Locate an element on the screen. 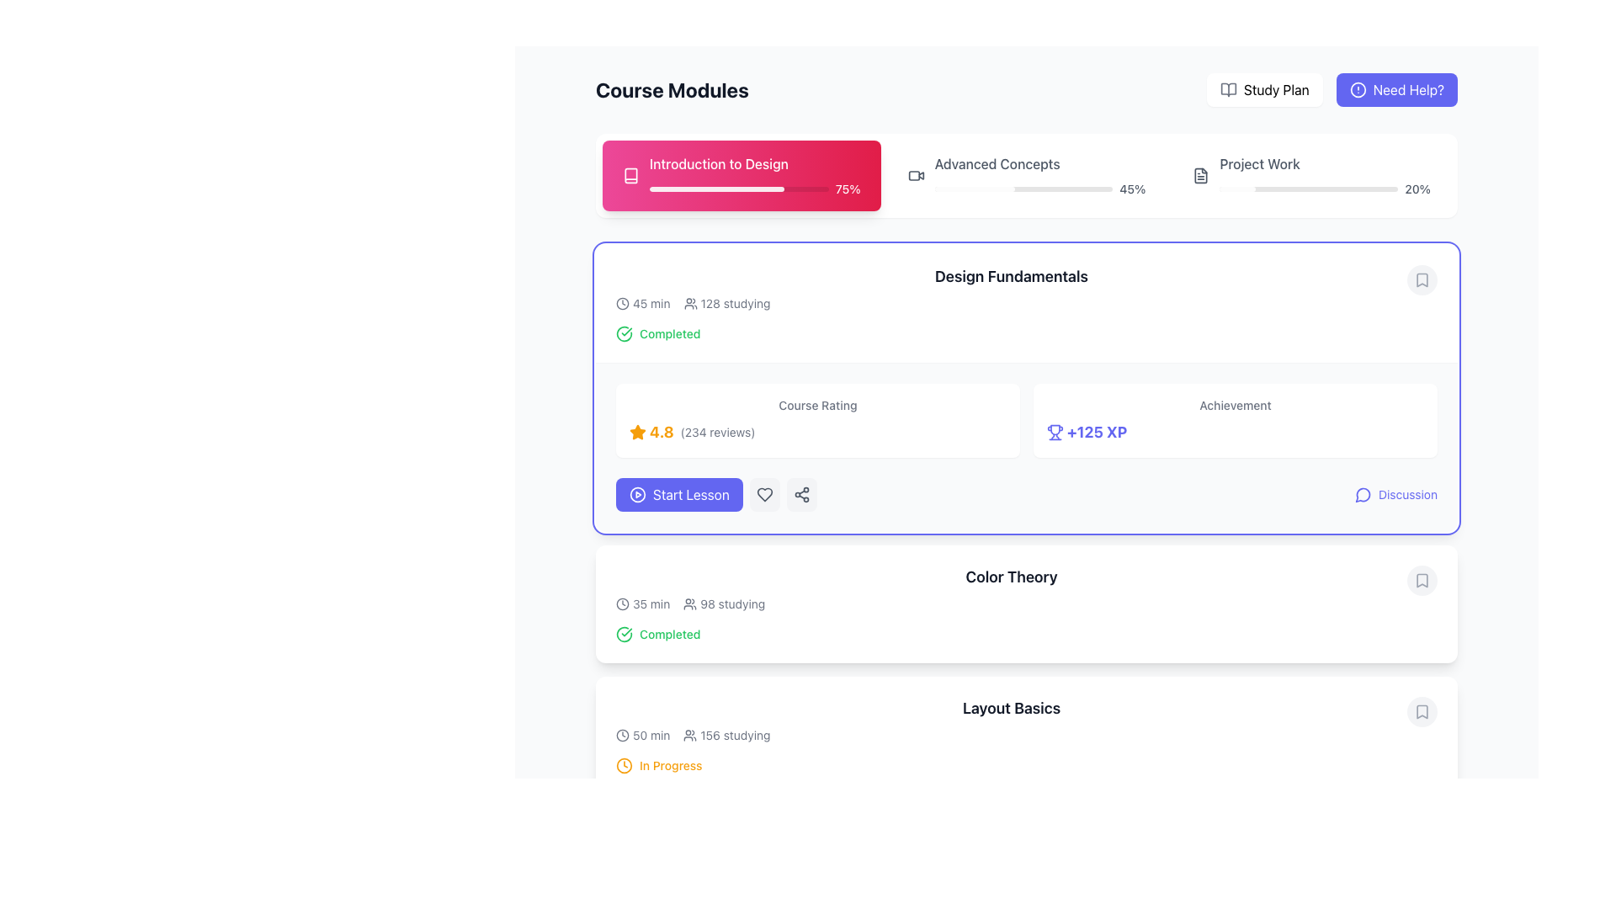 The height and width of the screenshot is (909, 1616). the text label indicating the current status of the course section, which is located at the bottom of the page in the 'Layout Basics' section, positioned at the far right alongside a clock icon is located at coordinates (670, 766).